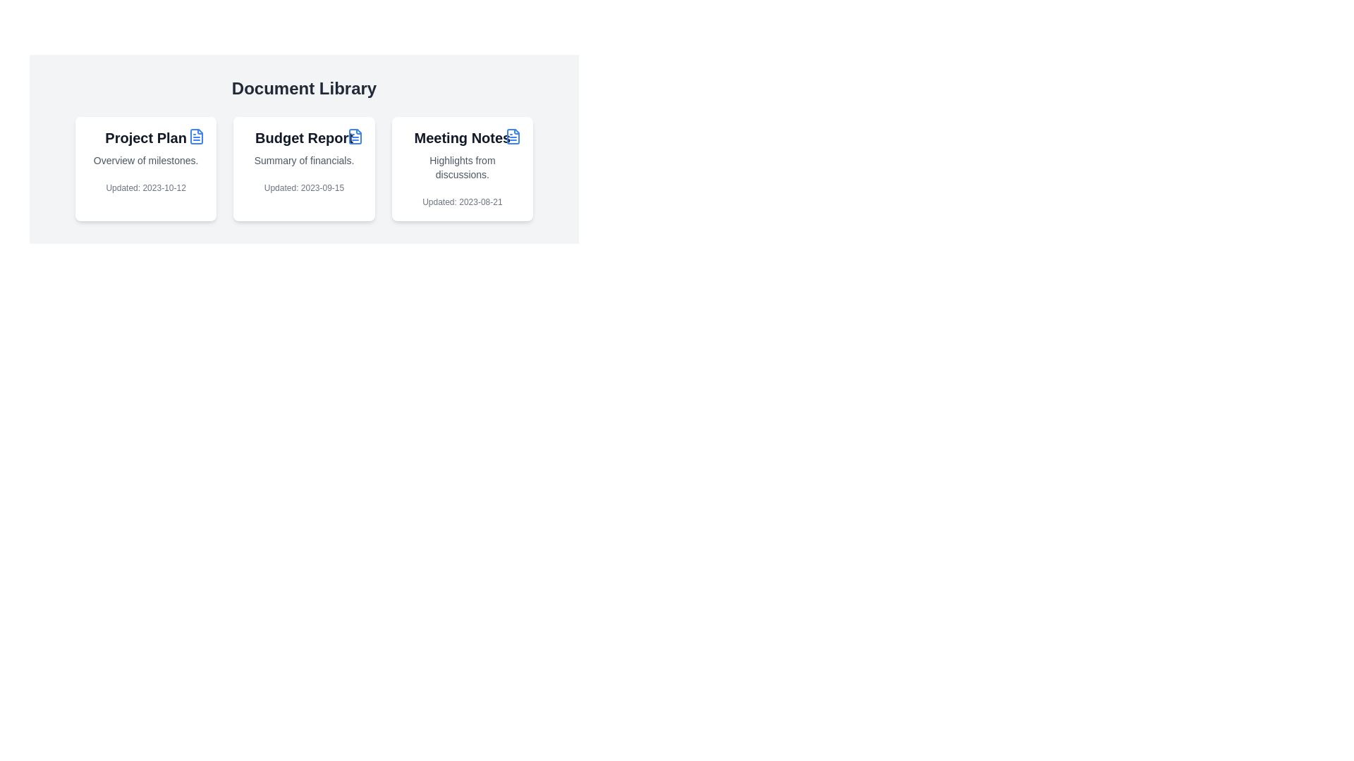 Image resolution: width=1354 pixels, height=761 pixels. Describe the element at coordinates (513, 136) in the screenshot. I see `the blue document icon located at the top-right corner of the 'Meeting Notes' card within the 'Document Library'` at that location.